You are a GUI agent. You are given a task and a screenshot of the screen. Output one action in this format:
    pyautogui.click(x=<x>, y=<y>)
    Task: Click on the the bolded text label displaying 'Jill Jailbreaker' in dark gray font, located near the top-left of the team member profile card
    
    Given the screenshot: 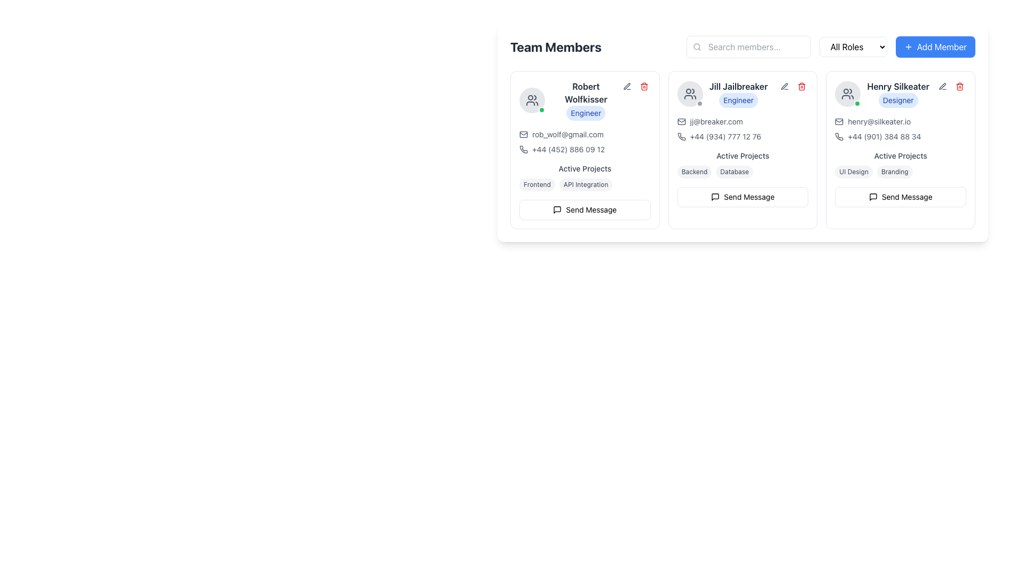 What is the action you would take?
    pyautogui.click(x=738, y=86)
    